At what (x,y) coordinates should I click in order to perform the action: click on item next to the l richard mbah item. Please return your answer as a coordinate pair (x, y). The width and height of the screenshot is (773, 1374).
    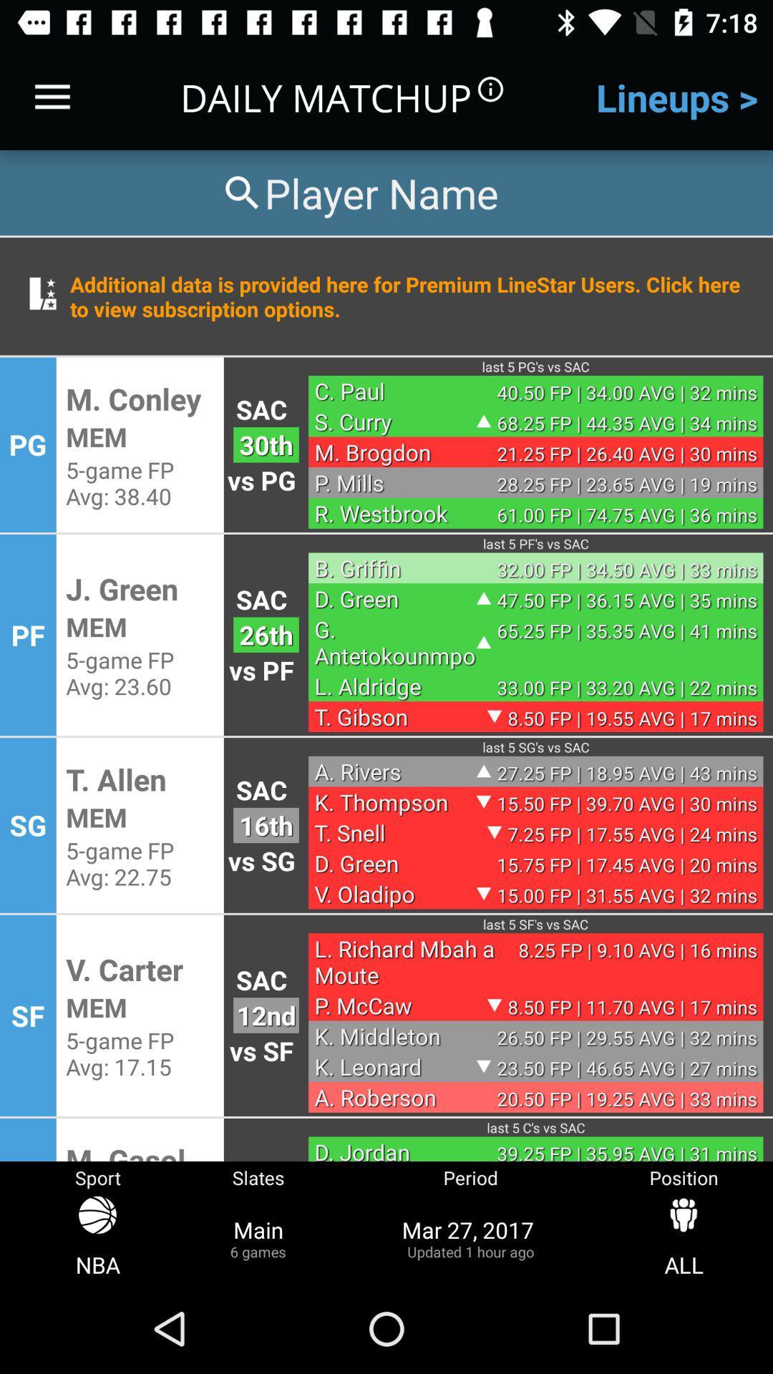
    Looking at the image, I should click on (266, 1015).